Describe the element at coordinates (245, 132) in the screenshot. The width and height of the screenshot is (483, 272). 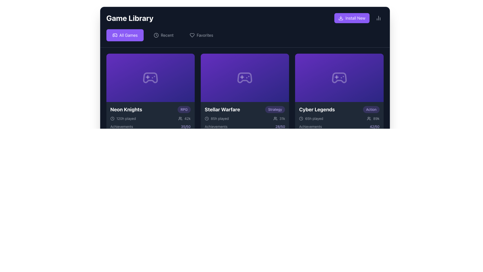
I see `the progress visually on the Progress bar located within the 'Stellar Warfare' game card, below the 'Achievements' text and '28/50' value` at that location.